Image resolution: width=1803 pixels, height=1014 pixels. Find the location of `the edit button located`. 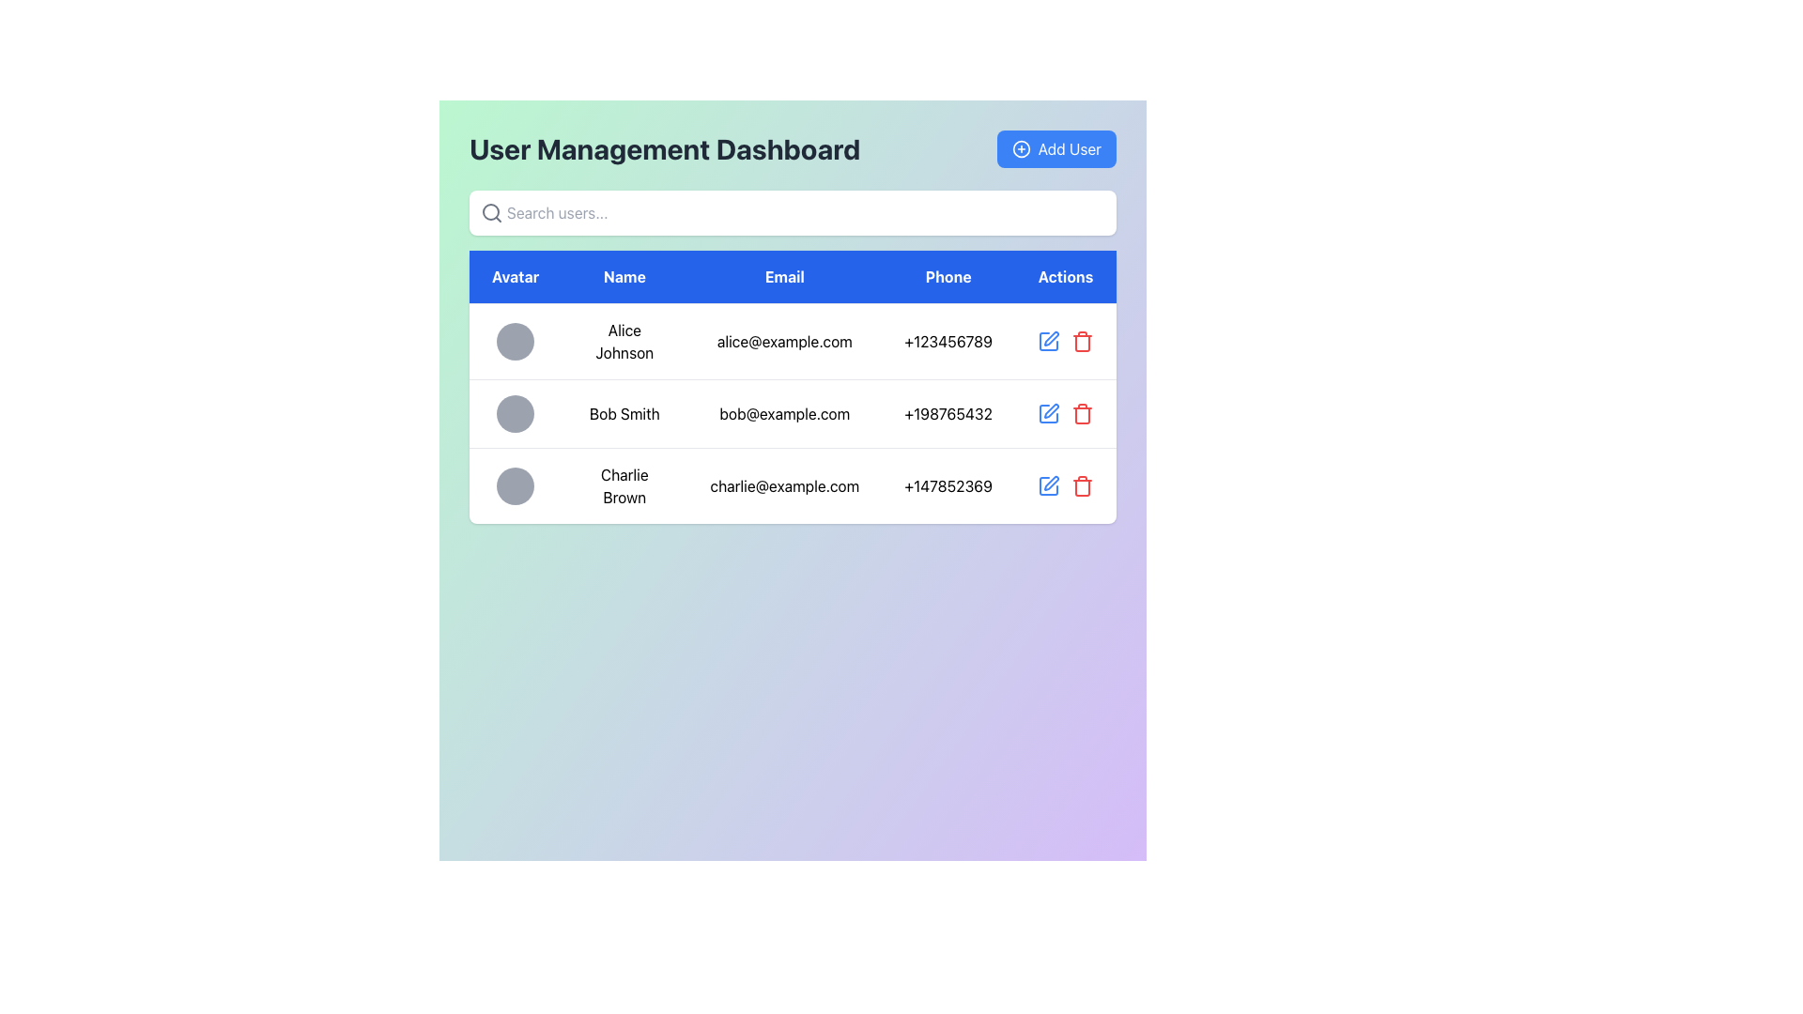

the edit button located is located at coordinates (1048, 341).